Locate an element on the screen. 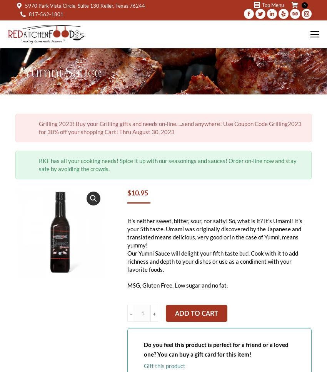 This screenshot has height=372, width=327. 'RKF has all your cooking needs! Spice it up with our seasonings and sauces! Order on-line now and stay safe by avoiding the crowds.' is located at coordinates (167, 165).